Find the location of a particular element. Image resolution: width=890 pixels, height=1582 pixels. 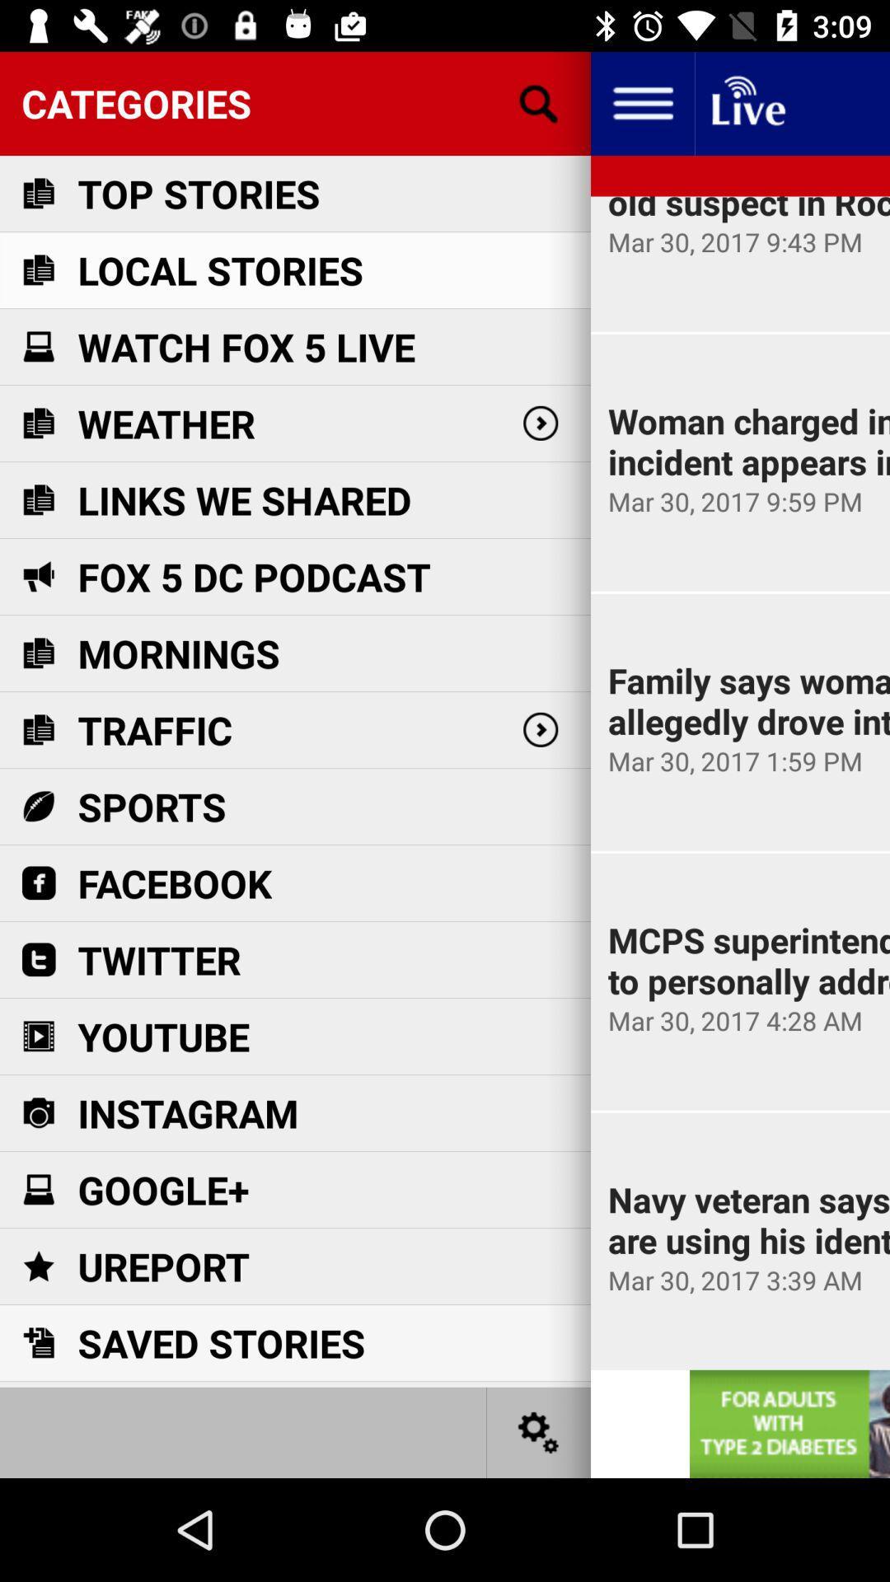

the menu icon is located at coordinates (641, 102).